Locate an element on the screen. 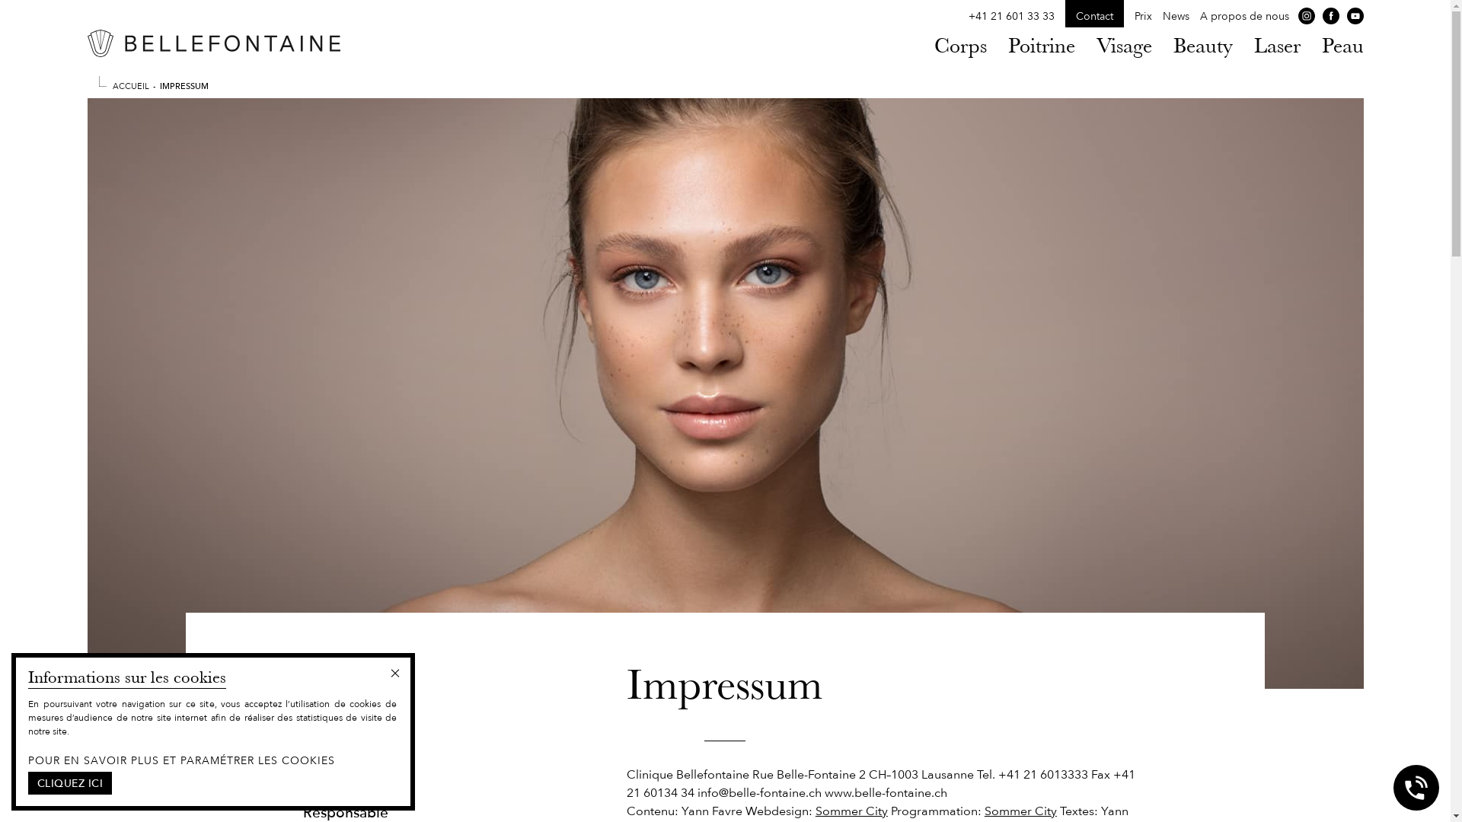  'ACCUEIL' is located at coordinates (131, 84).